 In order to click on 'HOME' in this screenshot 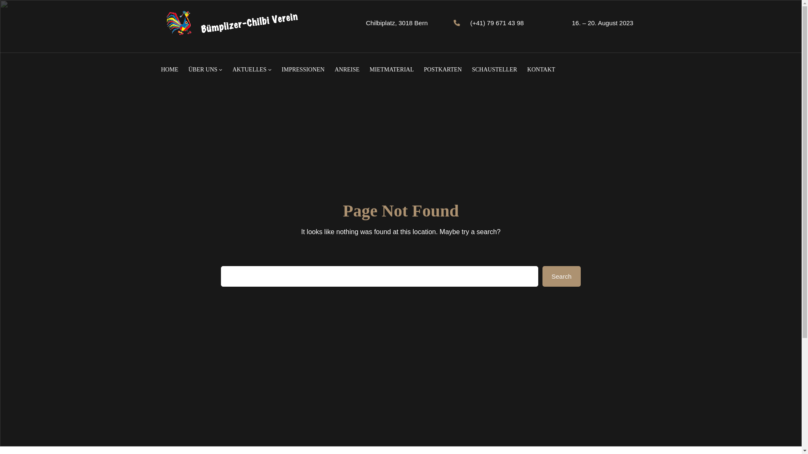, I will do `click(161, 69)`.